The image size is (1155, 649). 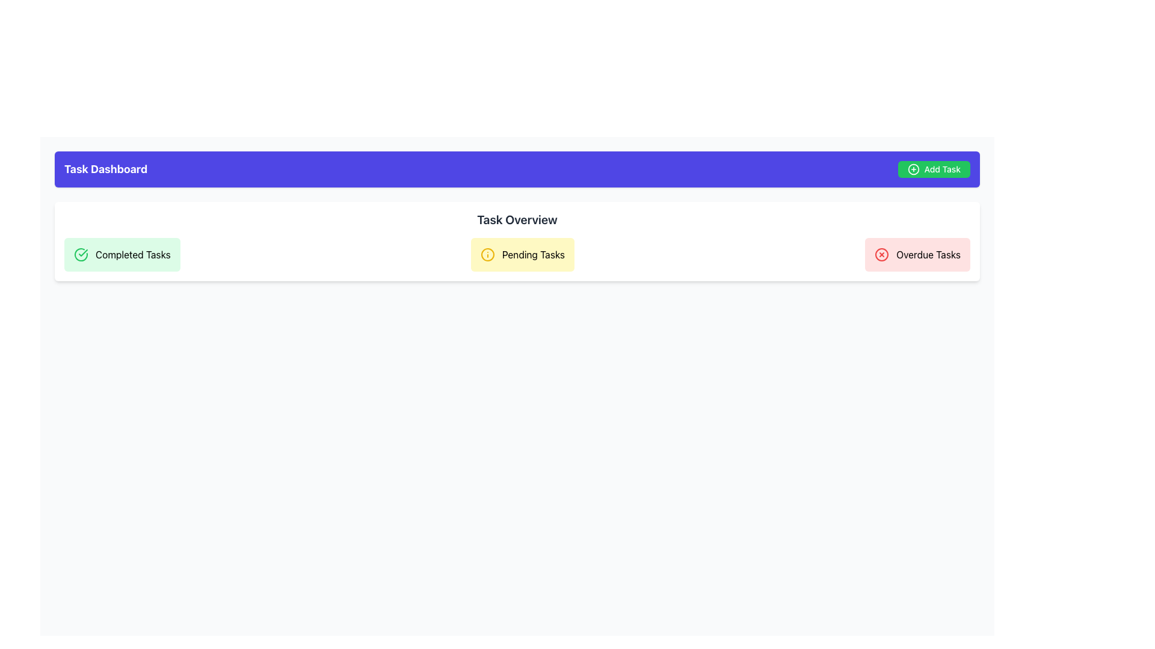 What do you see at coordinates (122, 254) in the screenshot?
I see `the Informative Card that displays 'Completed Tasks' with a green hue, located in the top-left of the 'Task Overview' section` at bounding box center [122, 254].